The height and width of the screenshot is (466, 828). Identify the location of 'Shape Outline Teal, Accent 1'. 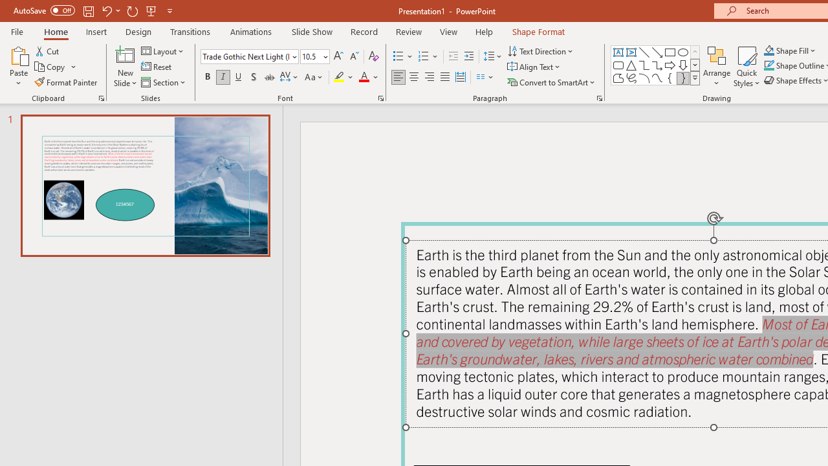
(769, 65).